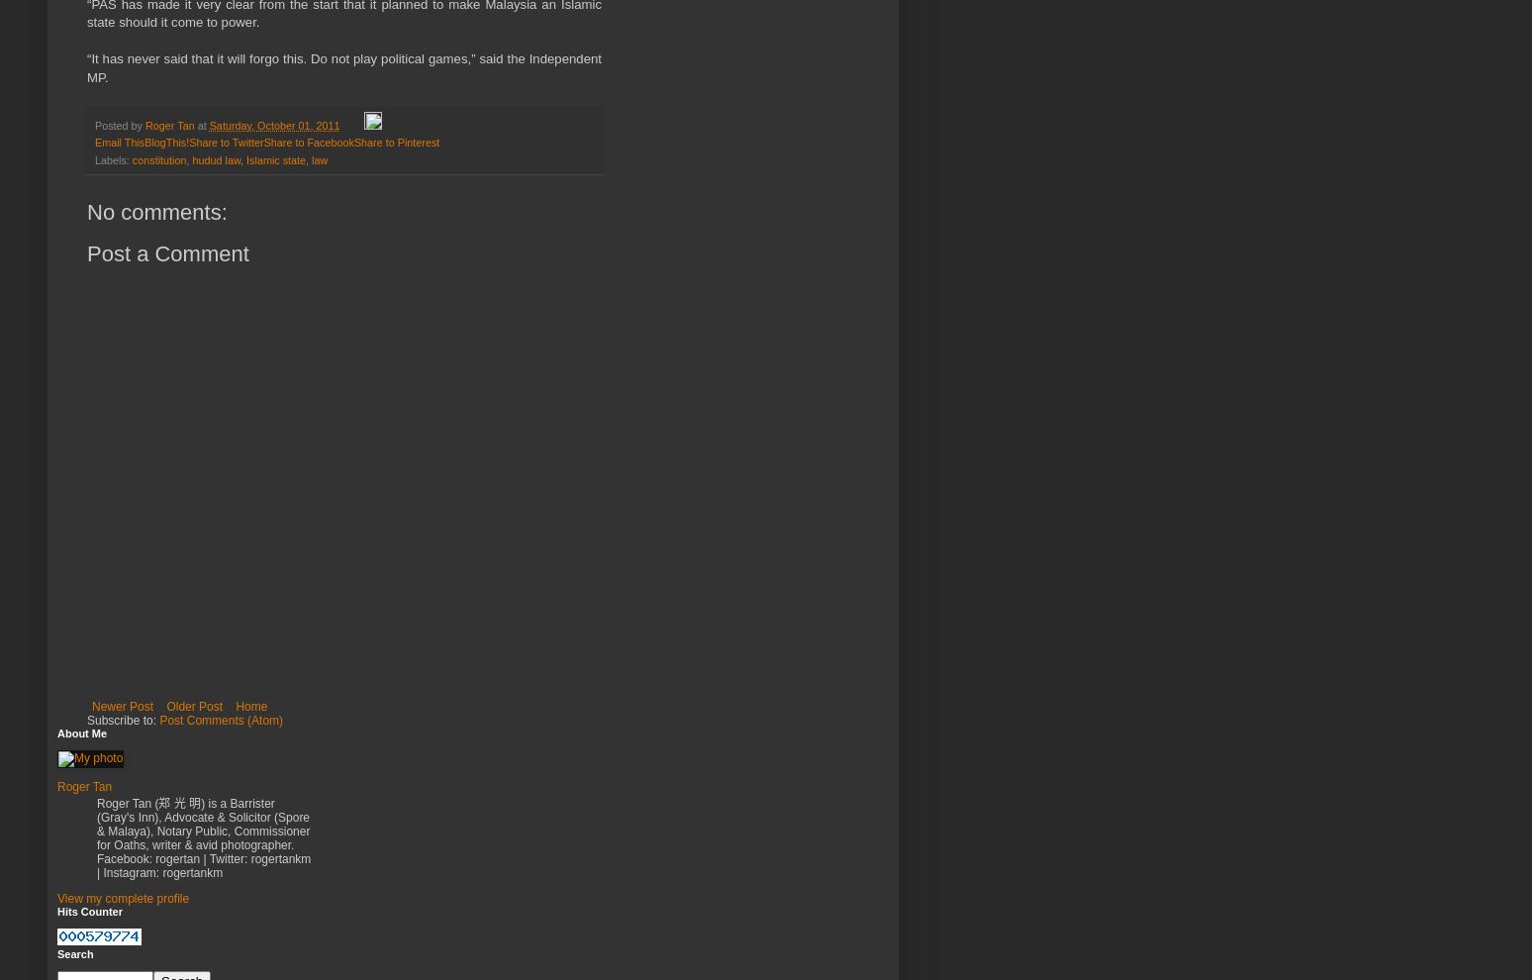  Describe the element at coordinates (120, 125) in the screenshot. I see `'Posted by'` at that location.